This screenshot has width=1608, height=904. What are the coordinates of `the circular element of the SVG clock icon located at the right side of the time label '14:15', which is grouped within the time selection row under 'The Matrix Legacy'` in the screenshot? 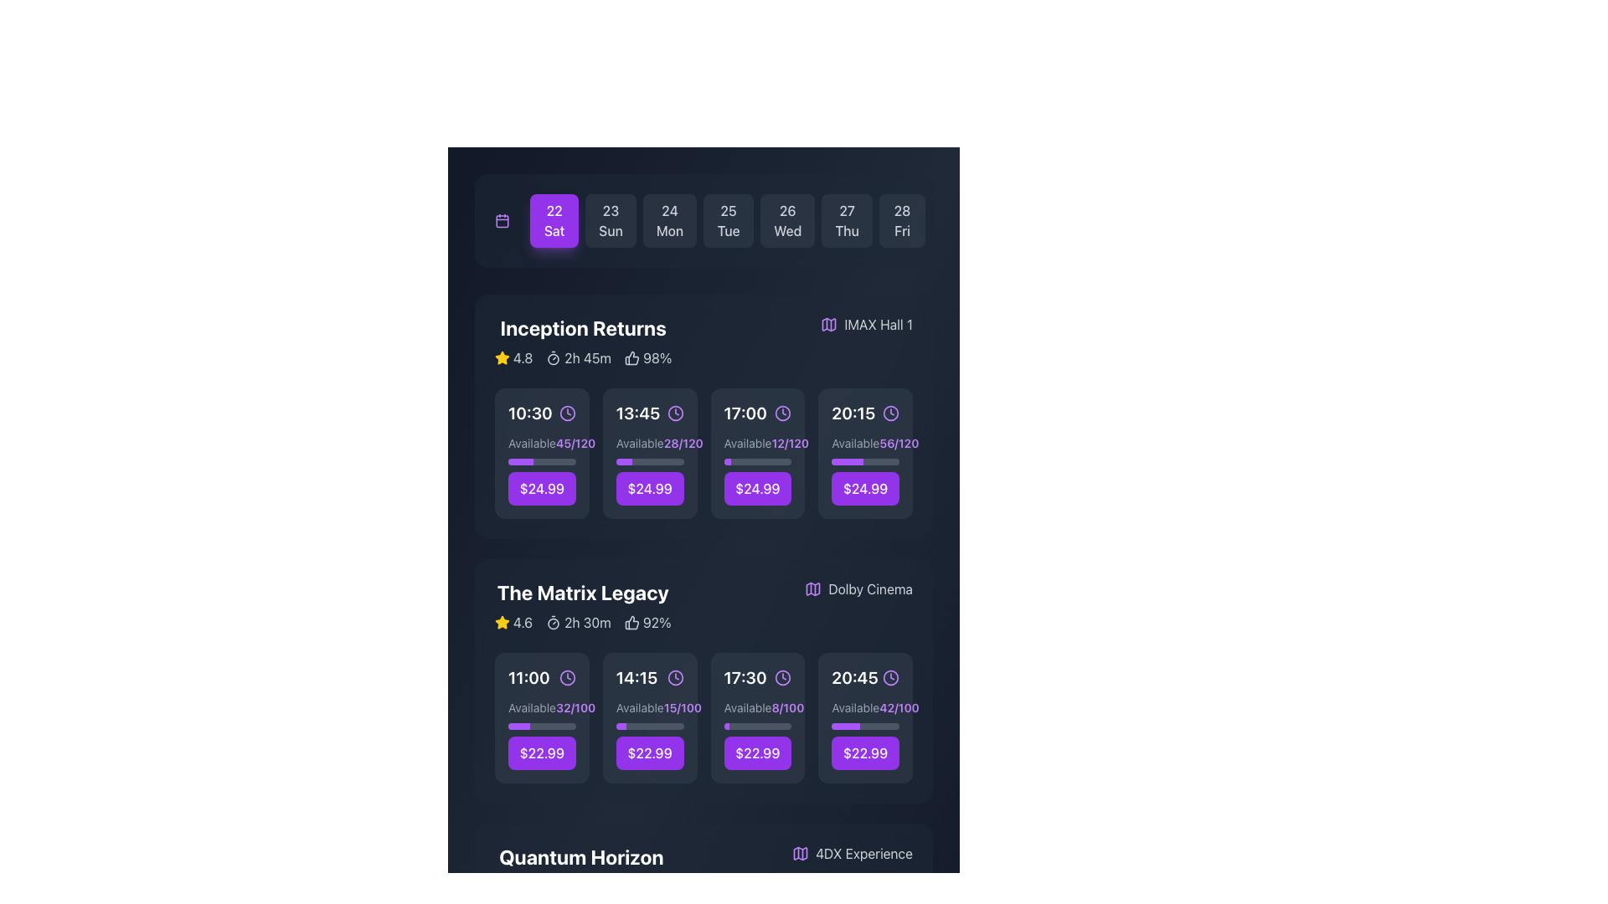 It's located at (675, 678).